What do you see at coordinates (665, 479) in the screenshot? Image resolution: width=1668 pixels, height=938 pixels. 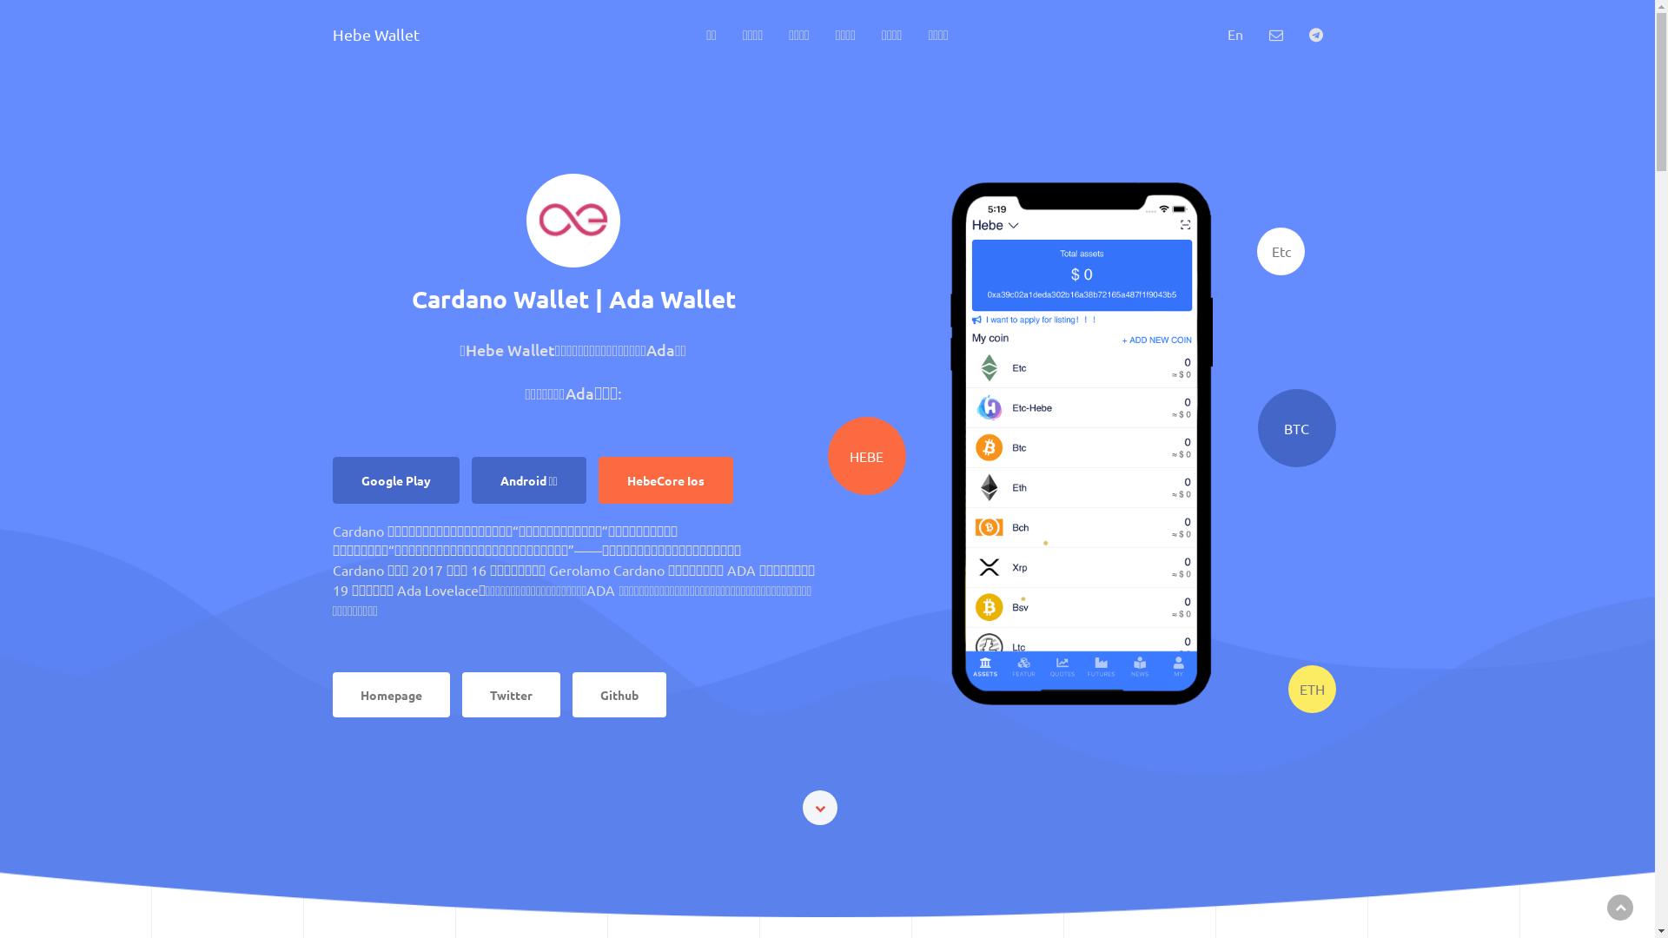 I see `'HebeCore Ios'` at bounding box center [665, 479].